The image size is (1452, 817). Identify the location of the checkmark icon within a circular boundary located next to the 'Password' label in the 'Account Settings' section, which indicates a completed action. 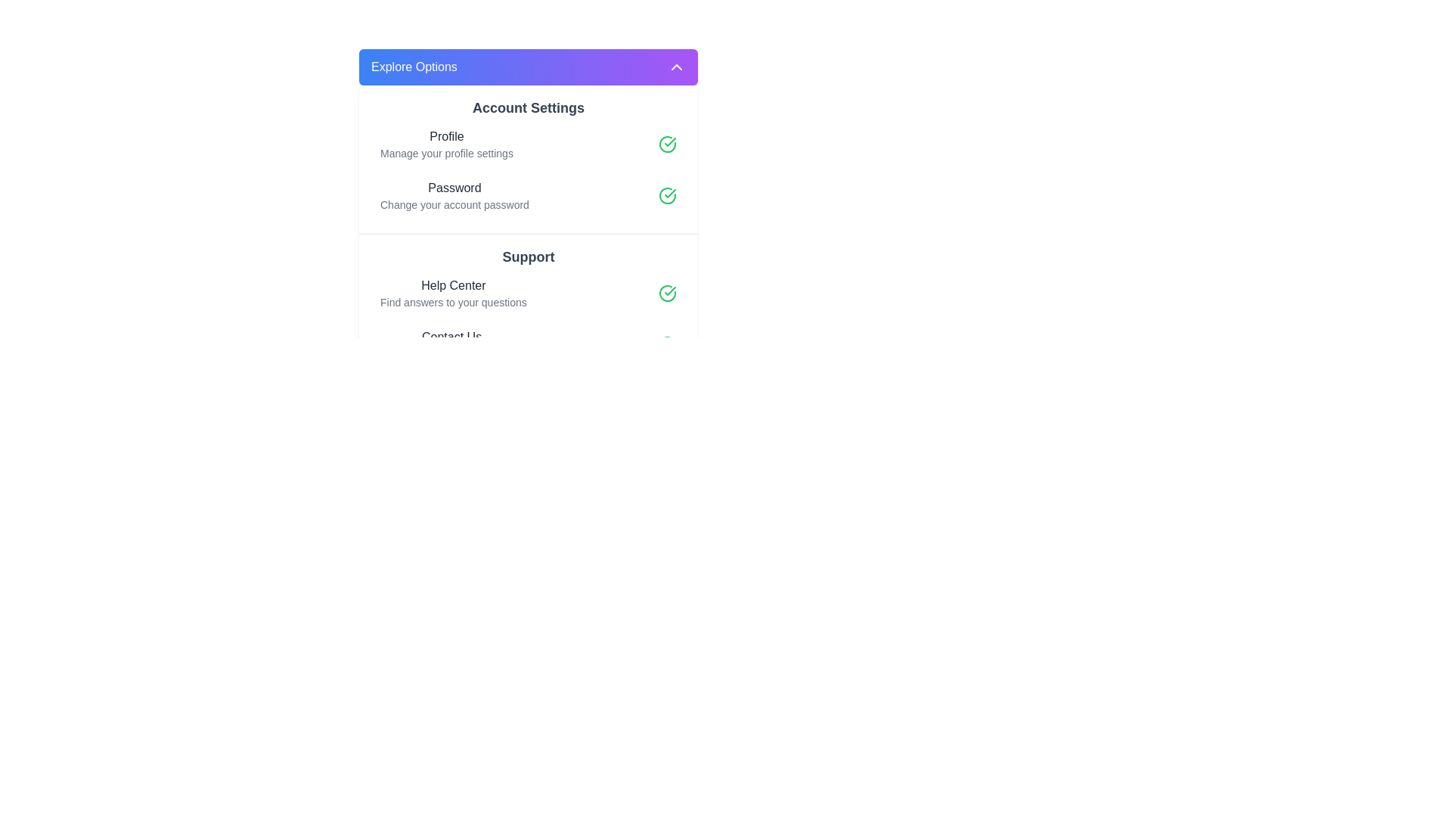
(669, 192).